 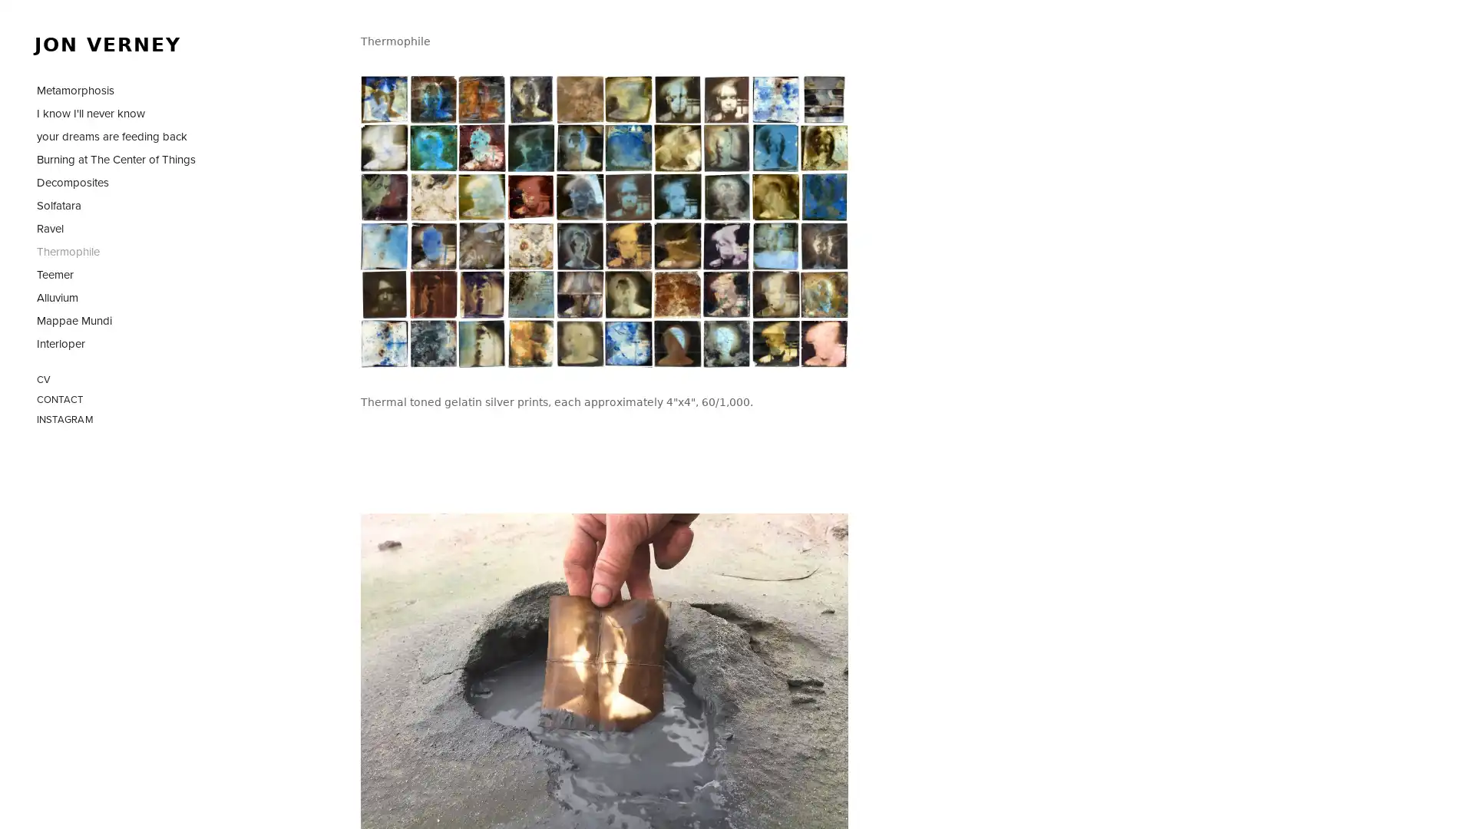 What do you see at coordinates (530, 245) in the screenshot?
I see `View fullsize jon_verney_thermophile_48.jpg` at bounding box center [530, 245].